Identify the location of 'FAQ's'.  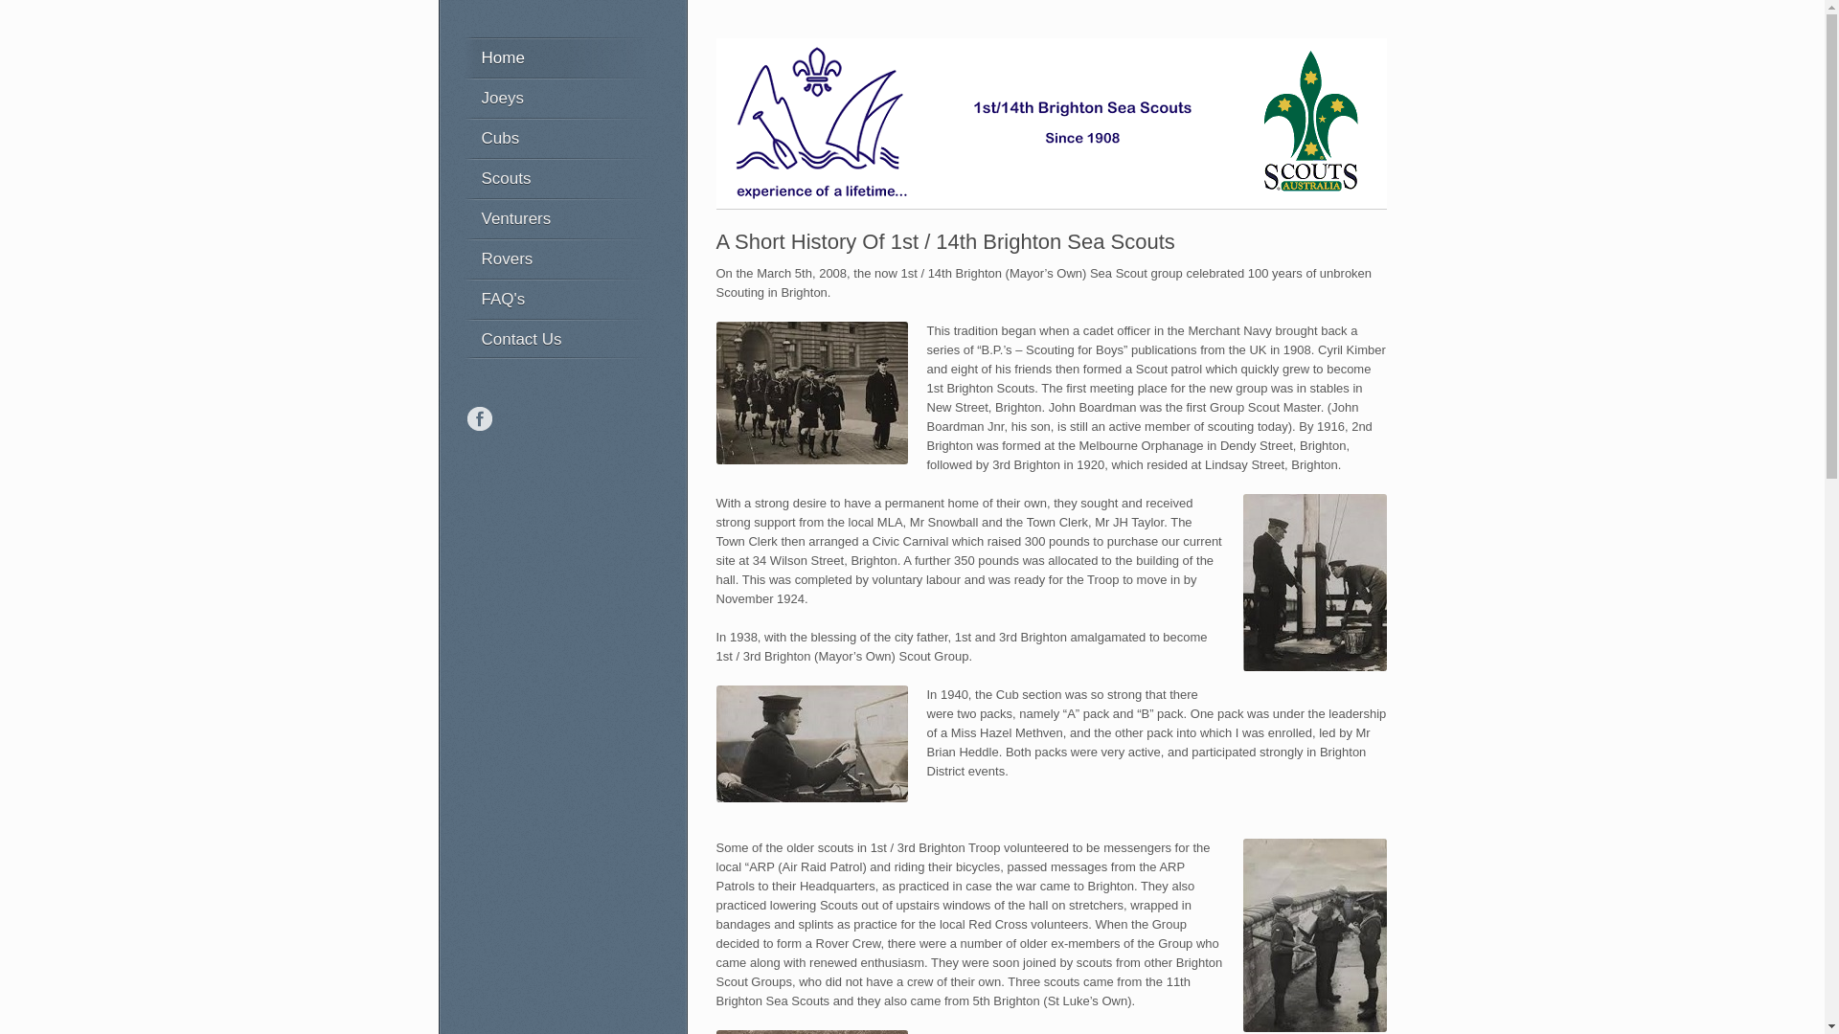
(556, 299).